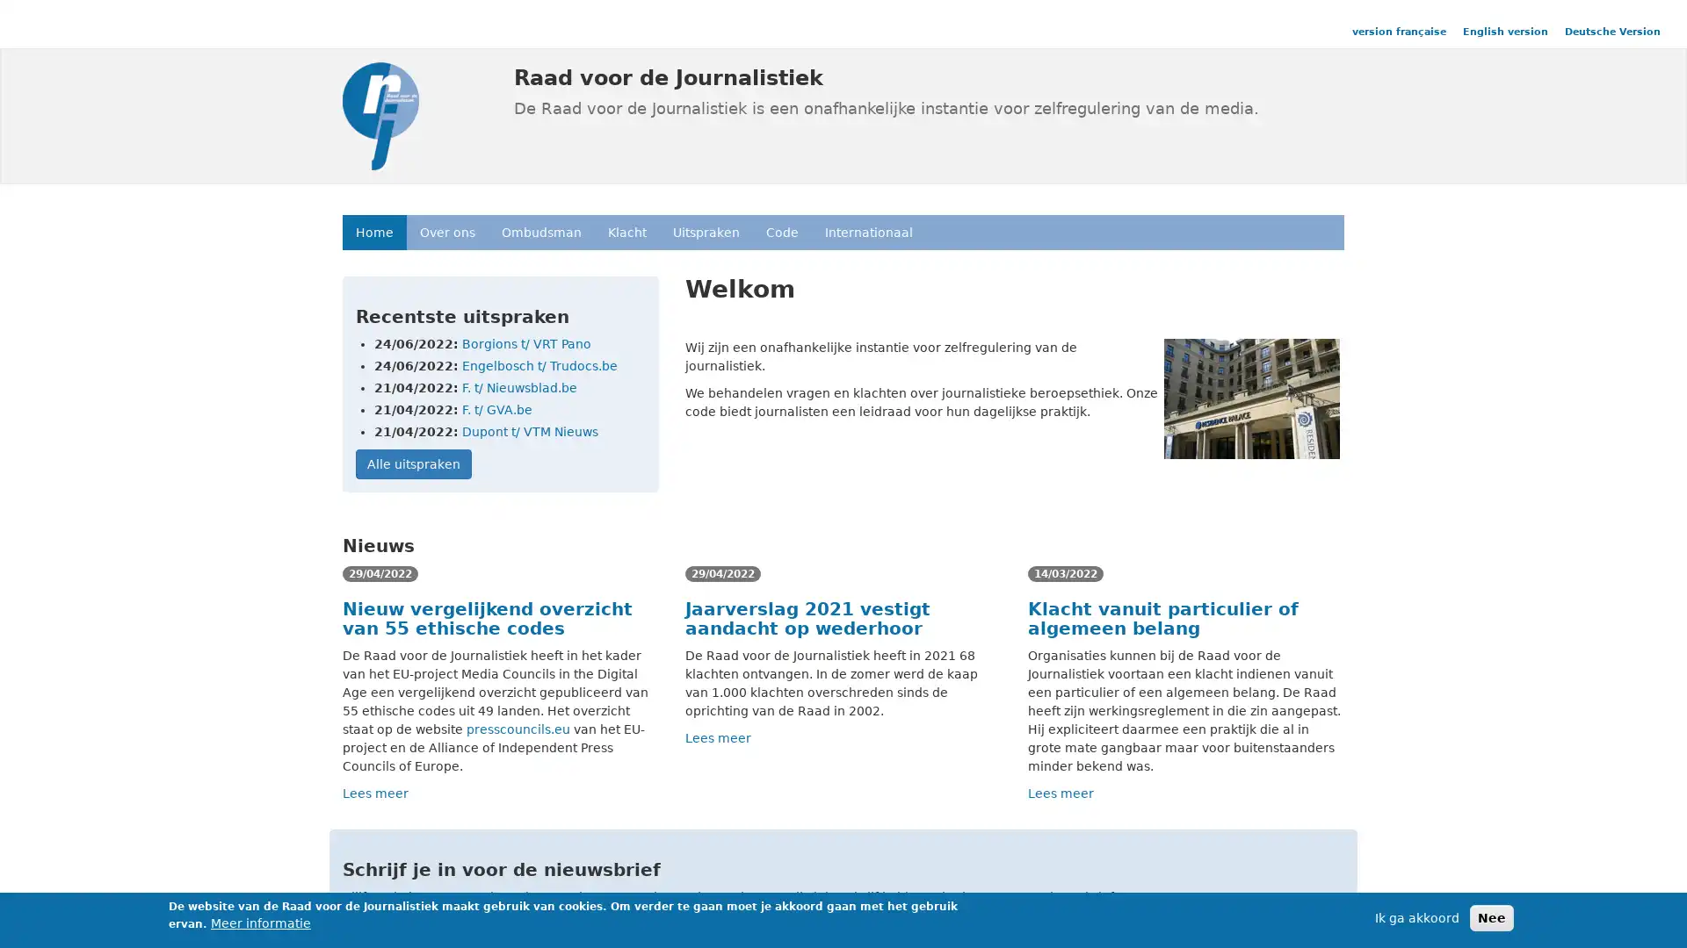 The width and height of the screenshot is (1687, 948). I want to click on Nee, so click(1491, 916).